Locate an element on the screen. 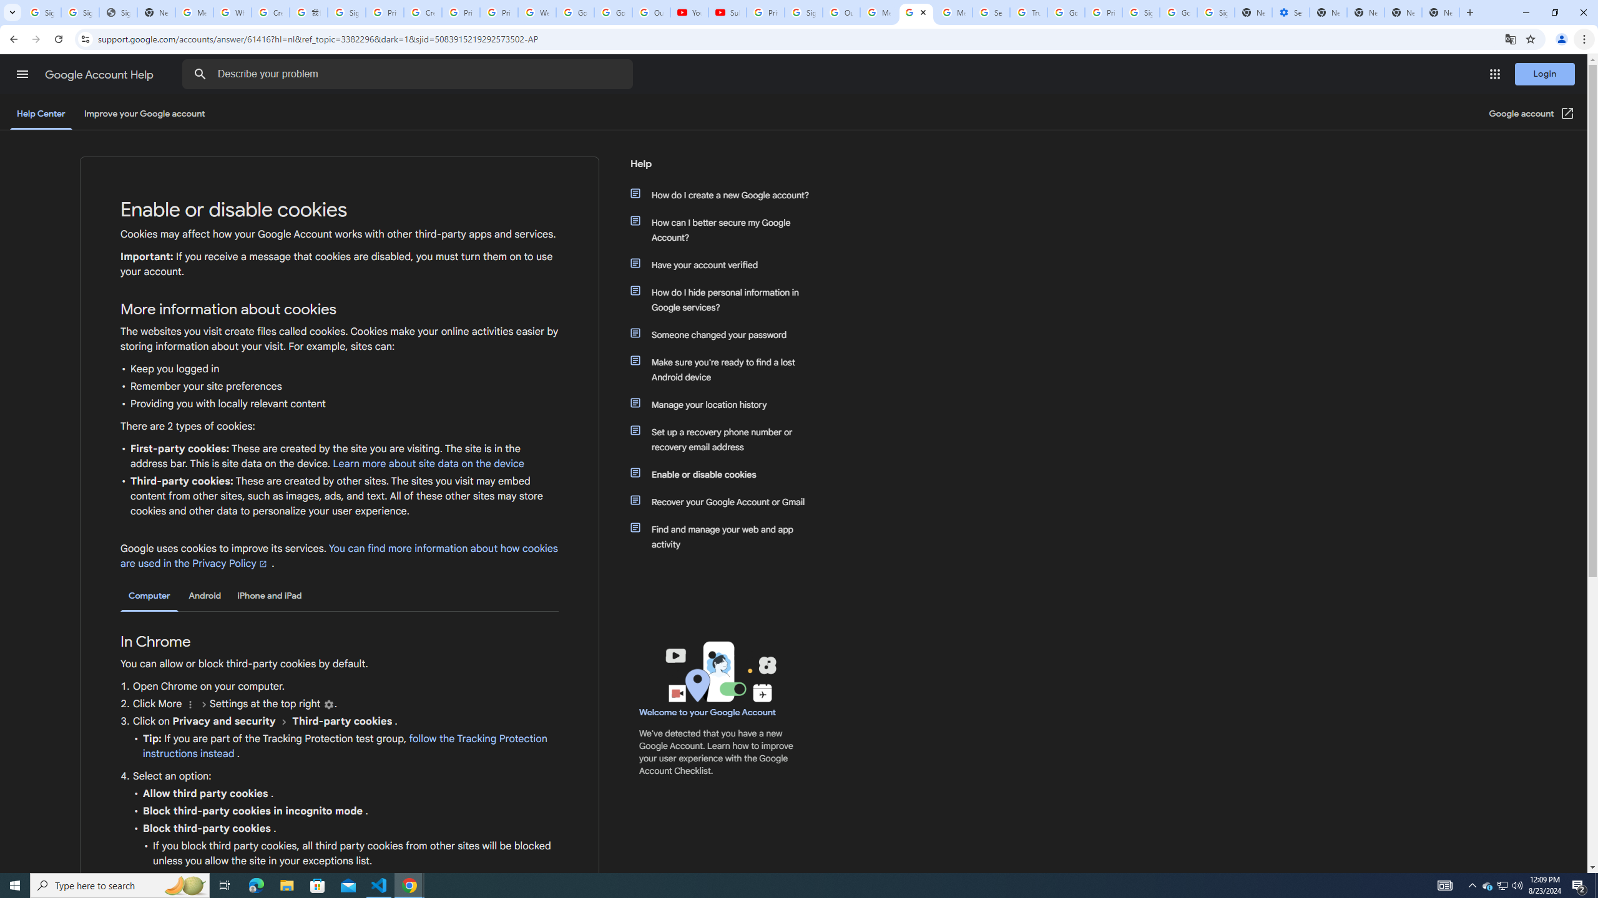 The height and width of the screenshot is (898, 1598). 'Set up a recovery phone number or recovery email address' is located at coordinates (725, 439).